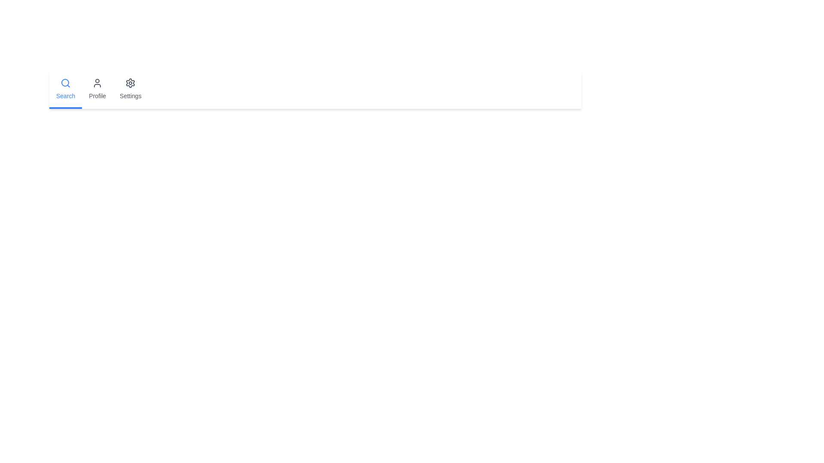 Image resolution: width=824 pixels, height=463 pixels. Describe the element at coordinates (65, 83) in the screenshot. I see `the search icon located in the 'Search' section of the navigation bar, positioned above the label 'Search' and to the left of 'Profile' and 'Settings'` at that location.